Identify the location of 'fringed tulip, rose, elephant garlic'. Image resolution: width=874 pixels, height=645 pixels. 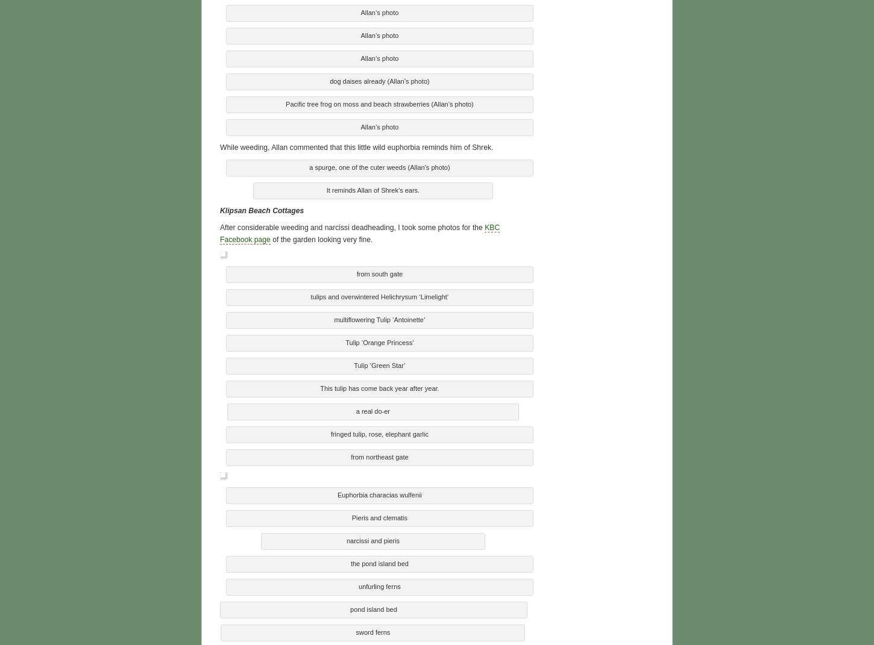
(379, 432).